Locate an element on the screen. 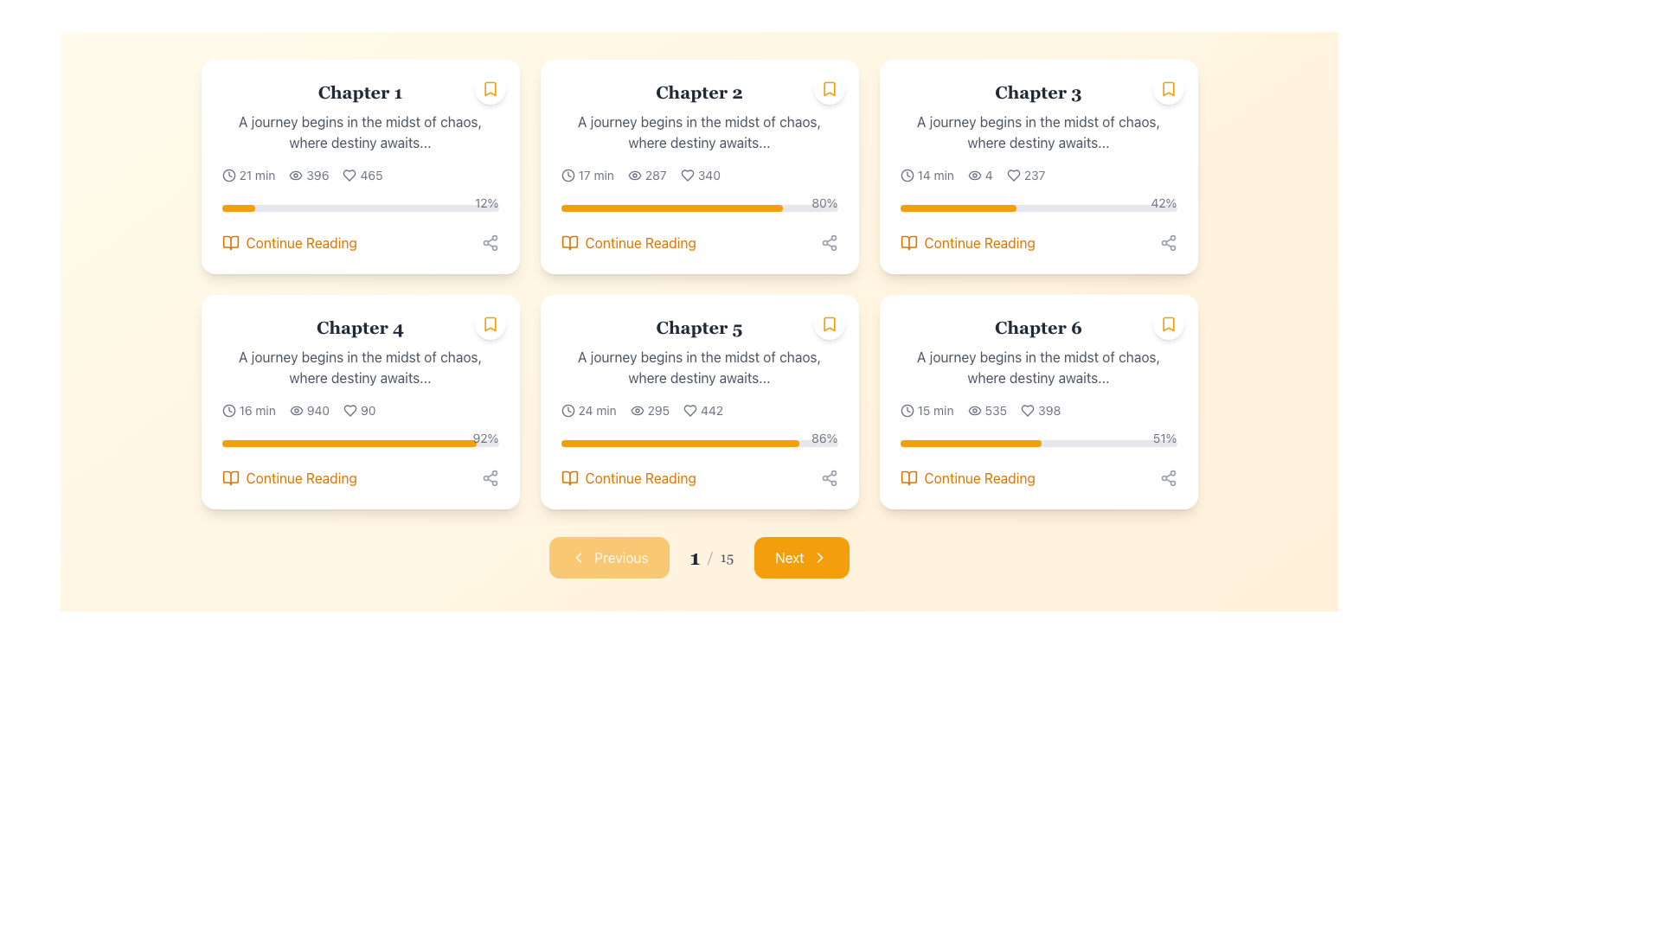 The image size is (1661, 934). the 'Continue Reading' text label in orange color located at the bottom of the first card in the grid layout is located at coordinates (301, 243).